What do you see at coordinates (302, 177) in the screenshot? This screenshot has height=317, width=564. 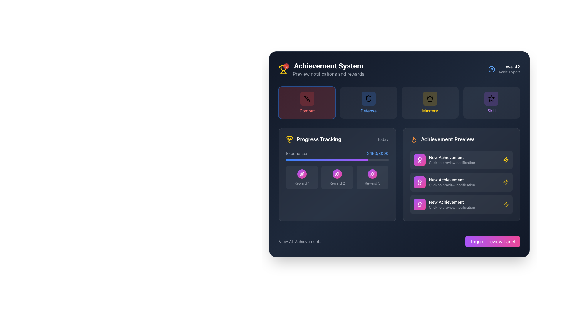 I see `the first Clickable Card in the 'Progress Tracking' section to trigger animations or tooltips` at bounding box center [302, 177].